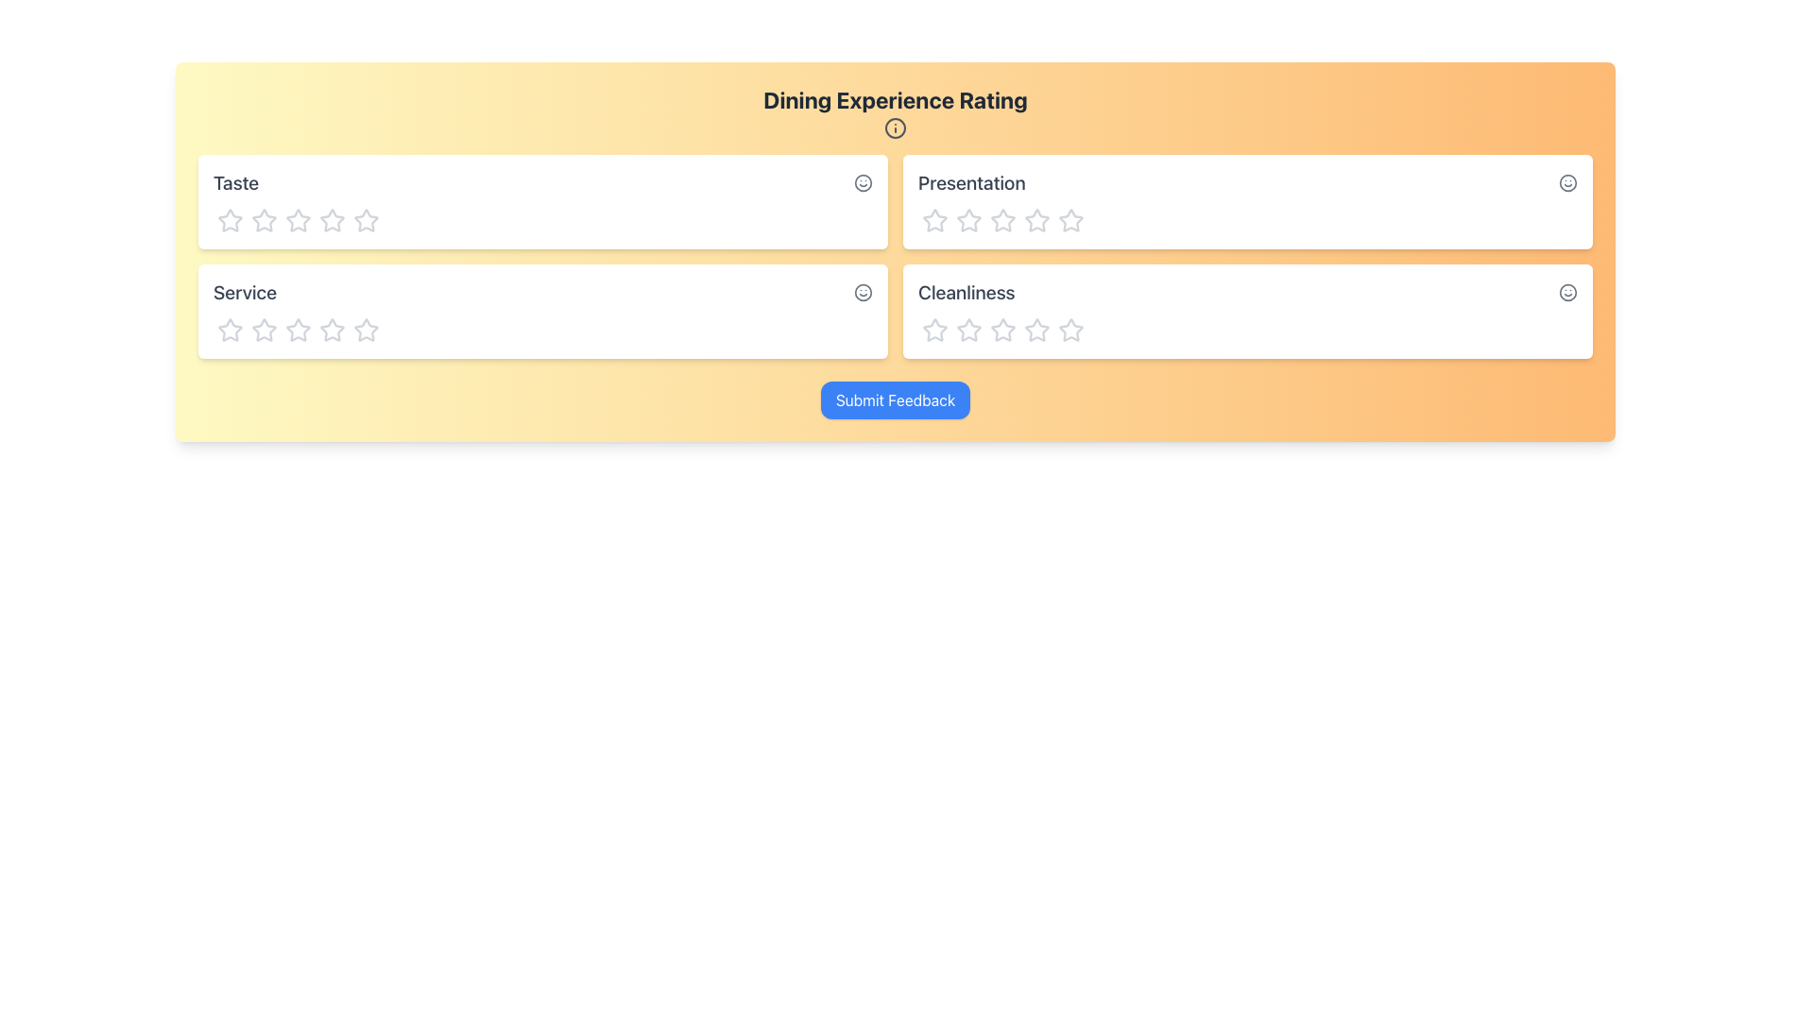  Describe the element at coordinates (967, 292) in the screenshot. I see `the Text Label indicating the cleanliness rating in the right-bottom section of the grid layout` at that location.